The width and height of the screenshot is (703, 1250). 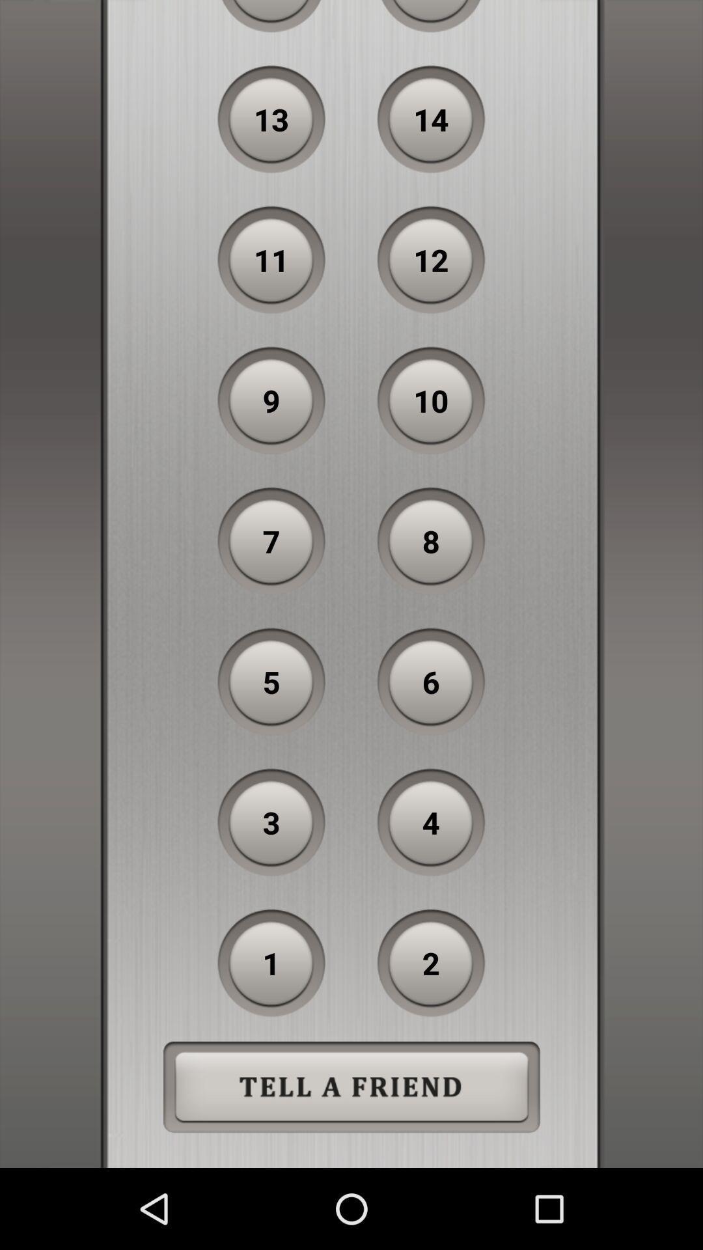 What do you see at coordinates (271, 400) in the screenshot?
I see `the item above the 7 item` at bounding box center [271, 400].